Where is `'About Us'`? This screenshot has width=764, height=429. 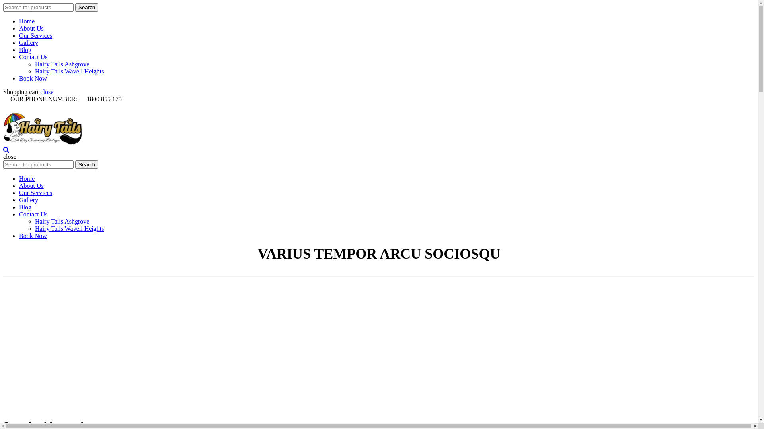
'About Us' is located at coordinates (31, 186).